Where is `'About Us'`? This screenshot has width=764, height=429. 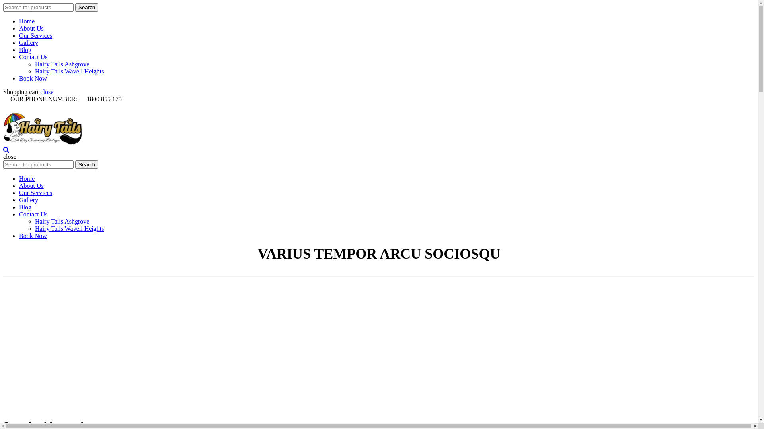
'About Us' is located at coordinates (31, 186).